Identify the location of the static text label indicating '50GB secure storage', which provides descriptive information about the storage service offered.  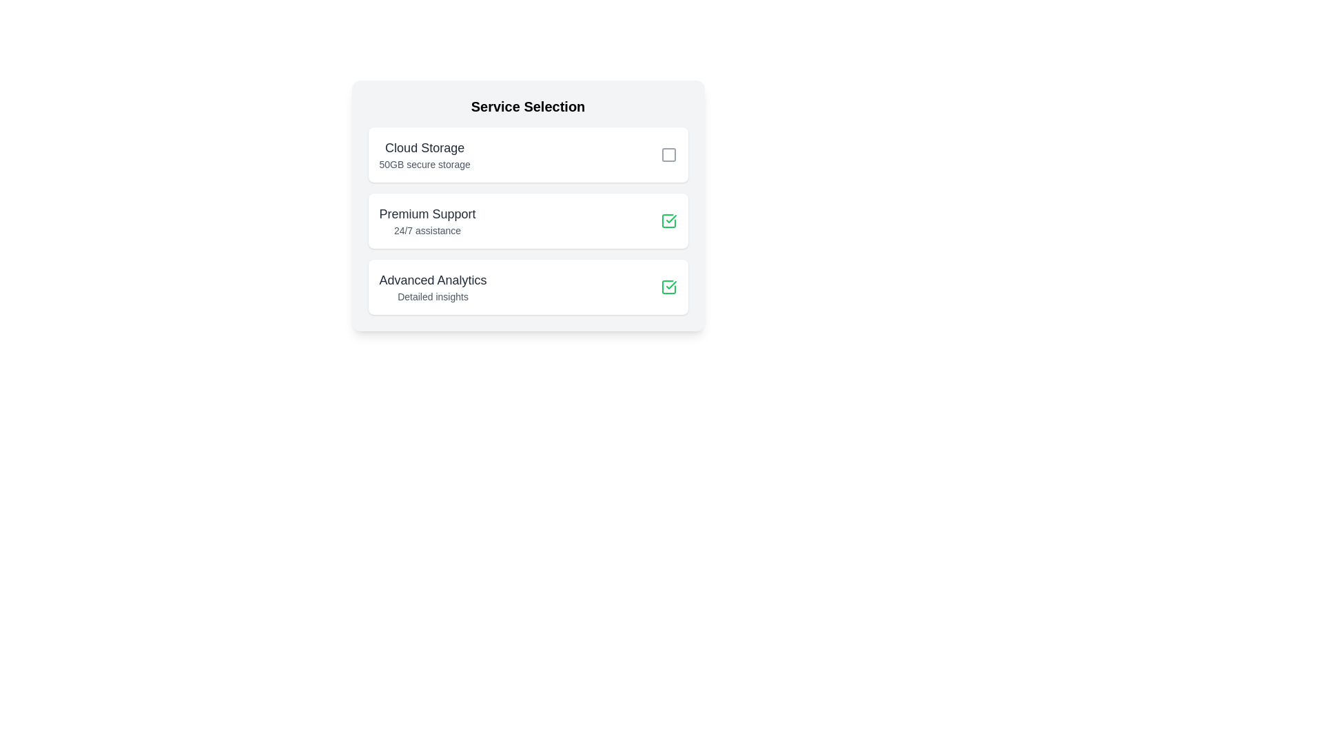
(424, 164).